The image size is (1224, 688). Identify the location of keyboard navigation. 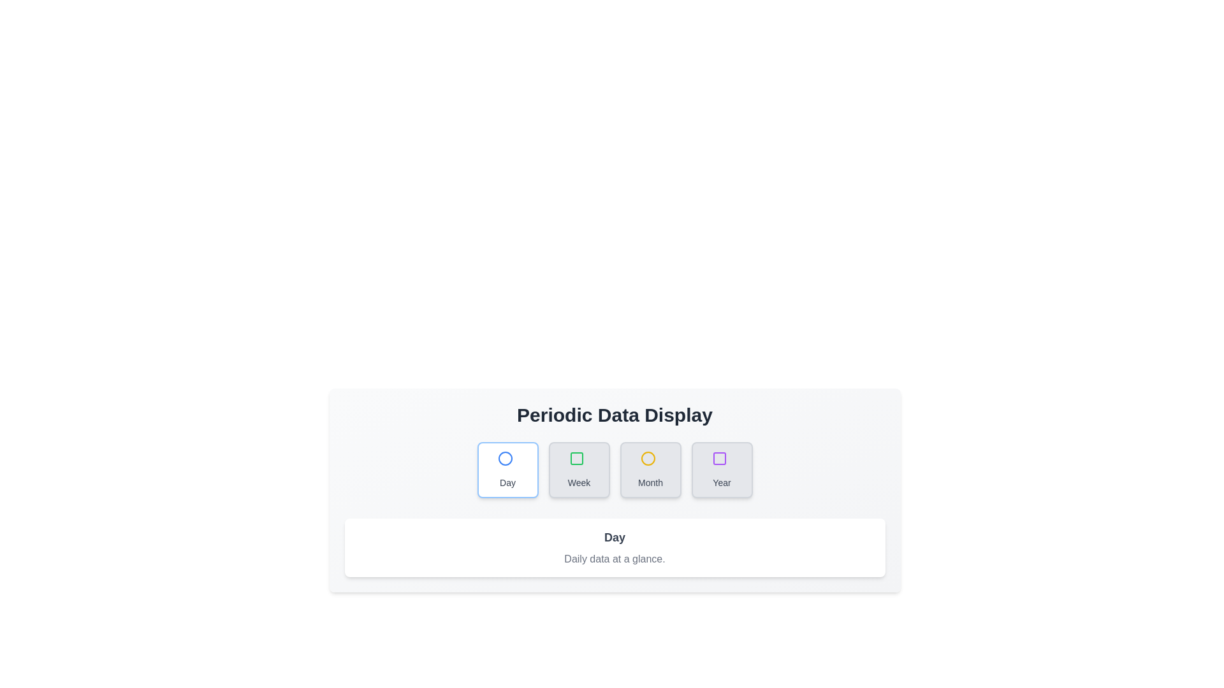
(615, 469).